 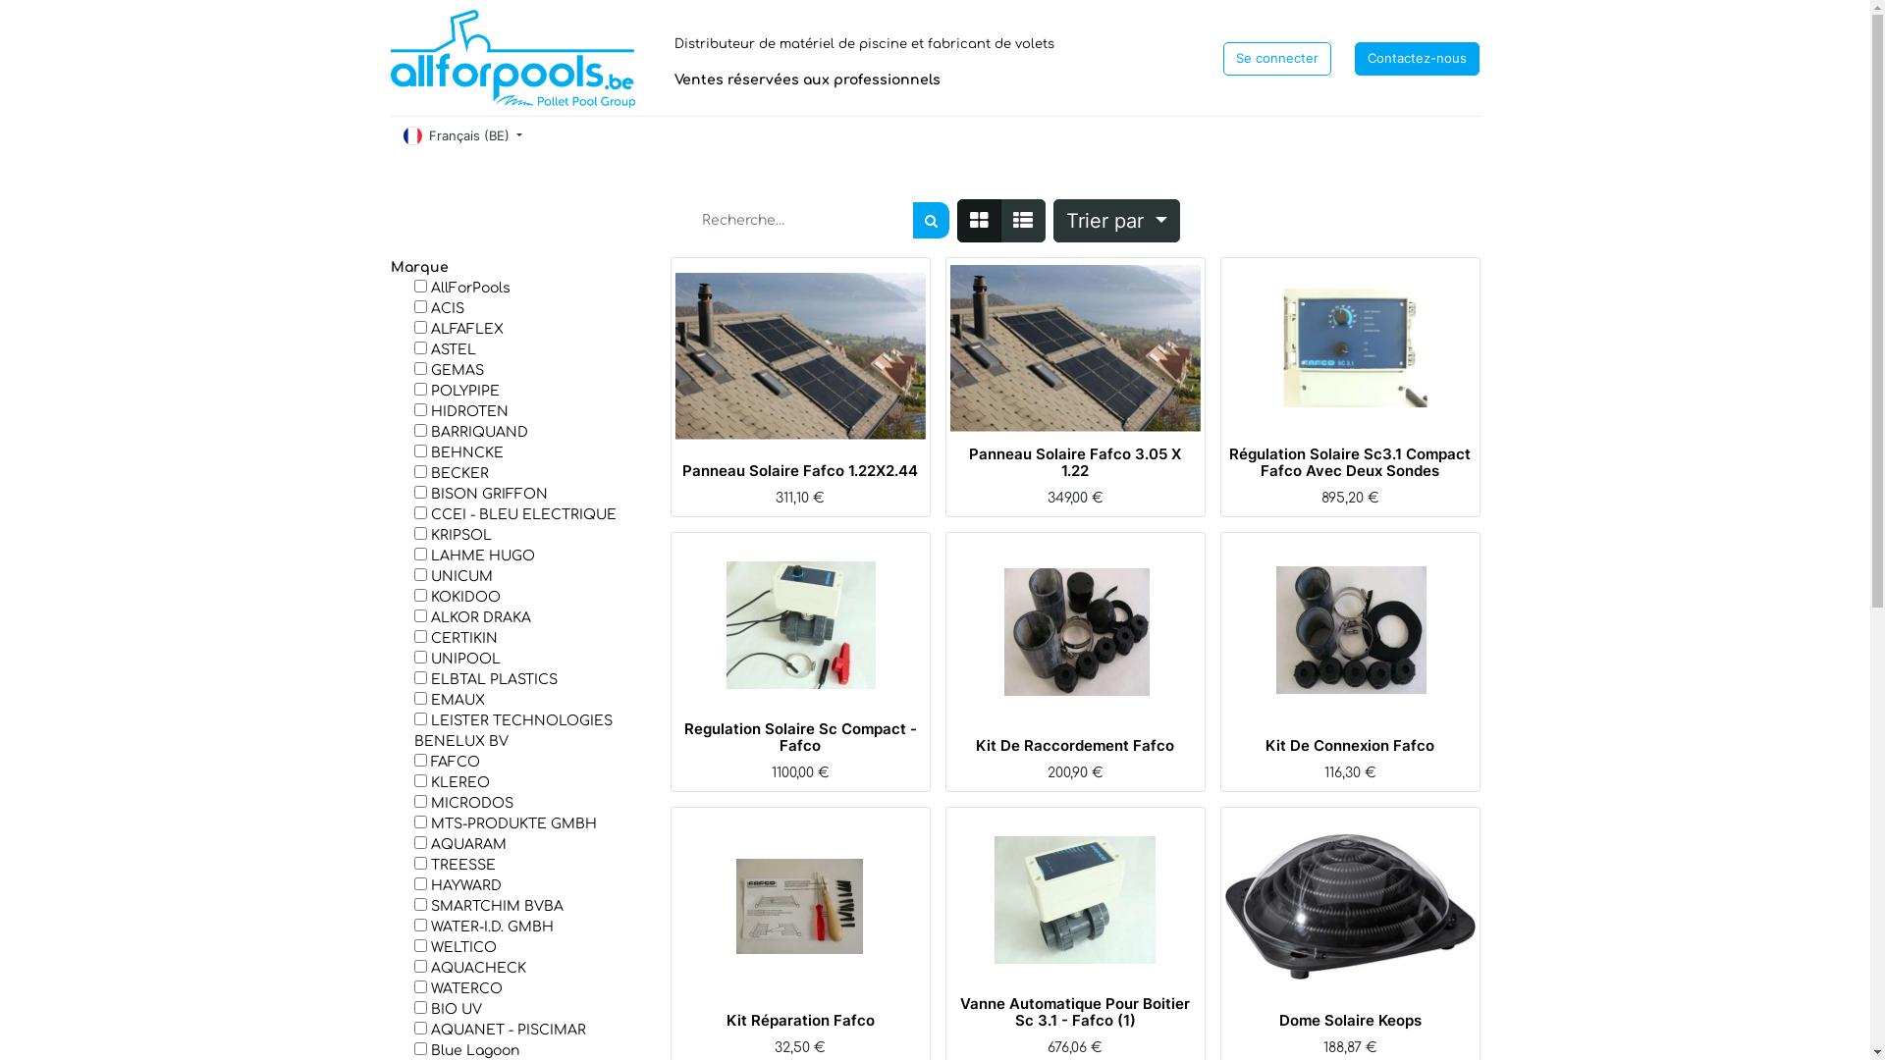 I want to click on 'Tarifs', so click(x=979, y=220).